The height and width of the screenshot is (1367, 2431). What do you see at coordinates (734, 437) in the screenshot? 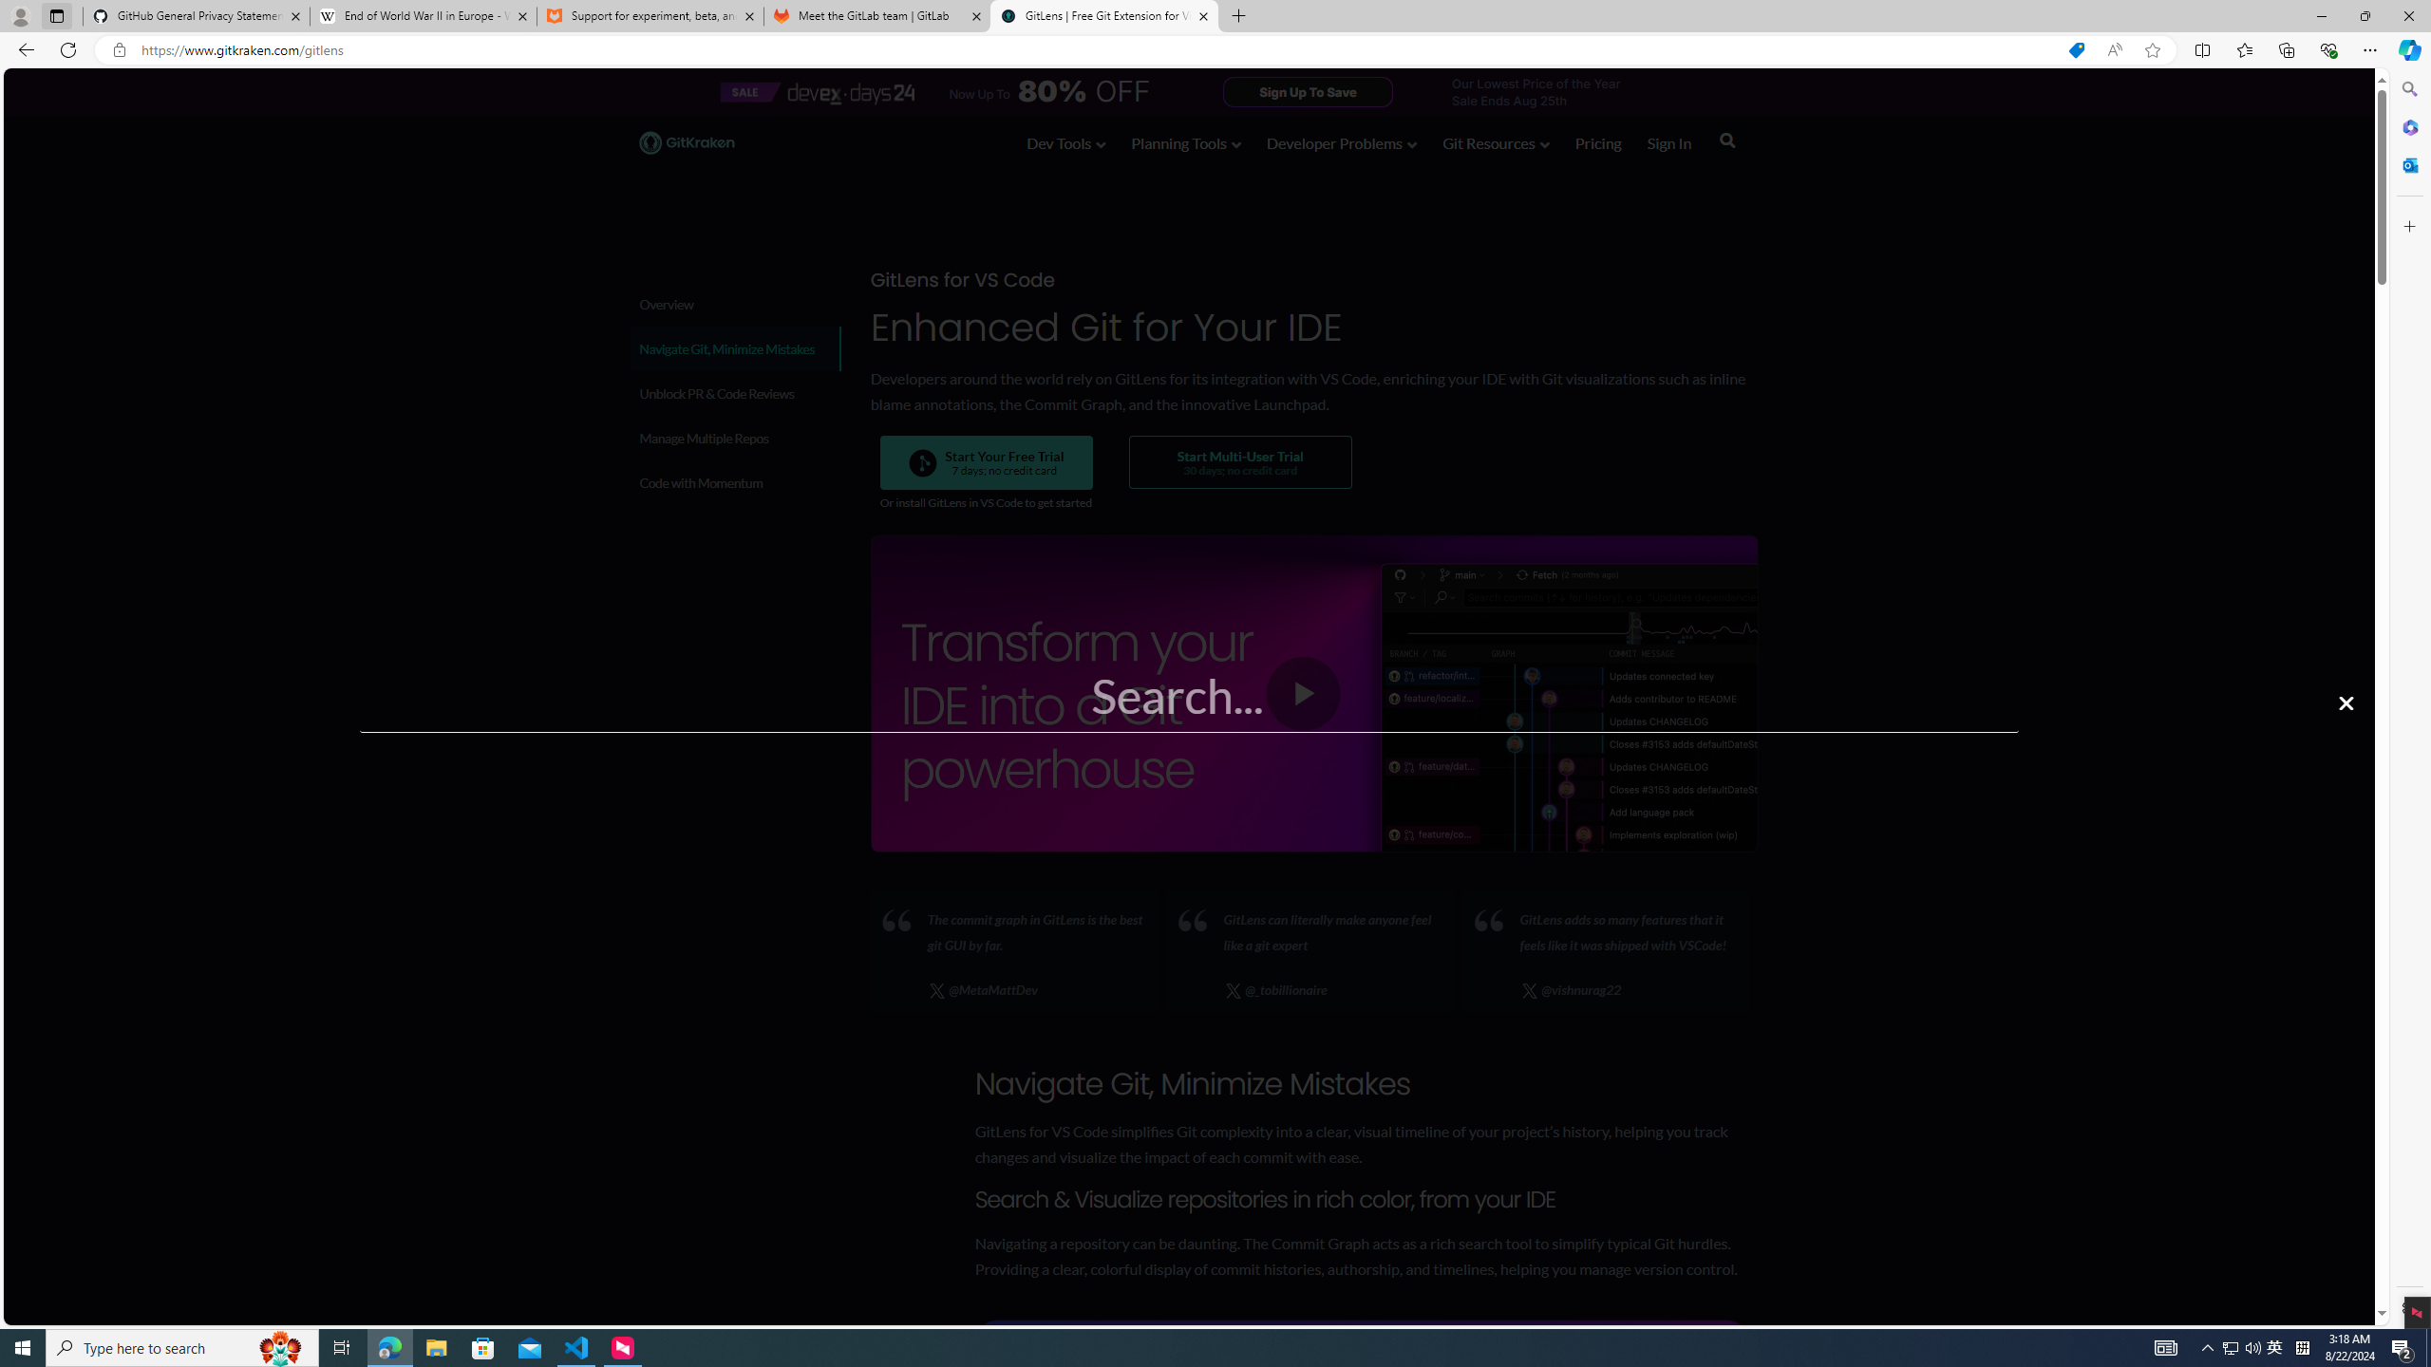
I see `'Manage Multiple Repos'` at bounding box center [734, 437].